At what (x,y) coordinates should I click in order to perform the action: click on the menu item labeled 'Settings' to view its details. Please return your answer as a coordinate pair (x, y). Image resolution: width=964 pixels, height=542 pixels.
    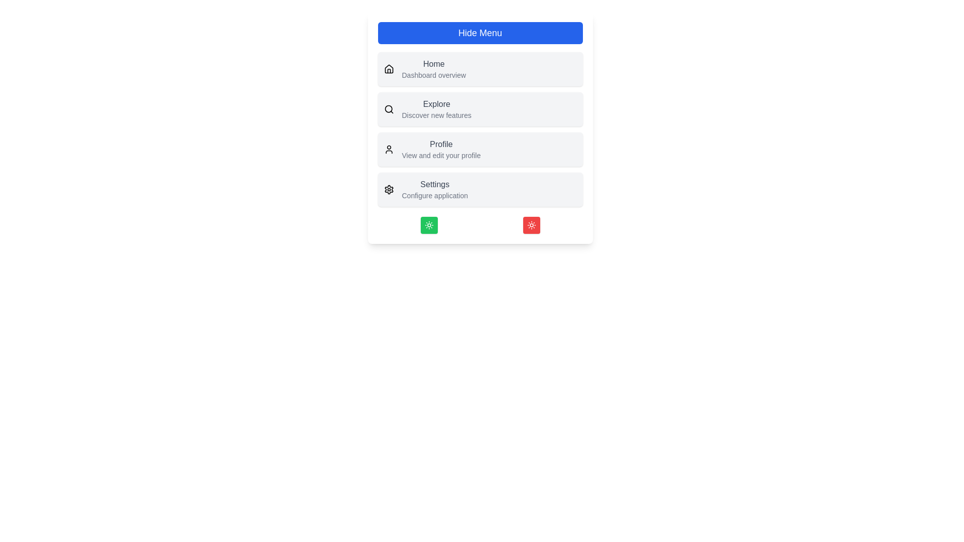
    Looking at the image, I should click on (435, 184).